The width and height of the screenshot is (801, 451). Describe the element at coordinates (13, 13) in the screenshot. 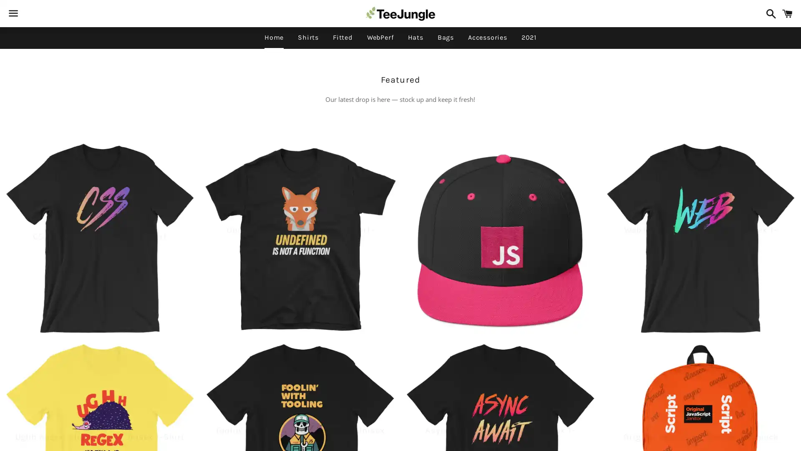

I see `Menu` at that location.